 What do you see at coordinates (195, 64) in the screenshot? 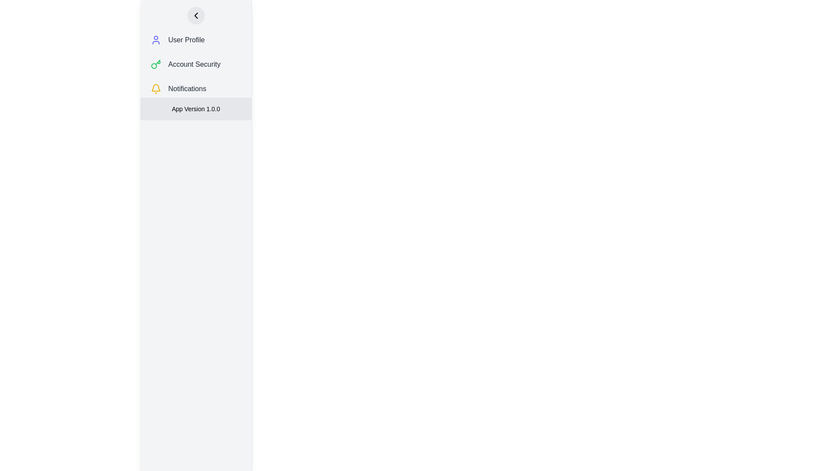
I see `the 'Account Security' button, which is the second item in a vertical list in the left sidebar` at bounding box center [195, 64].